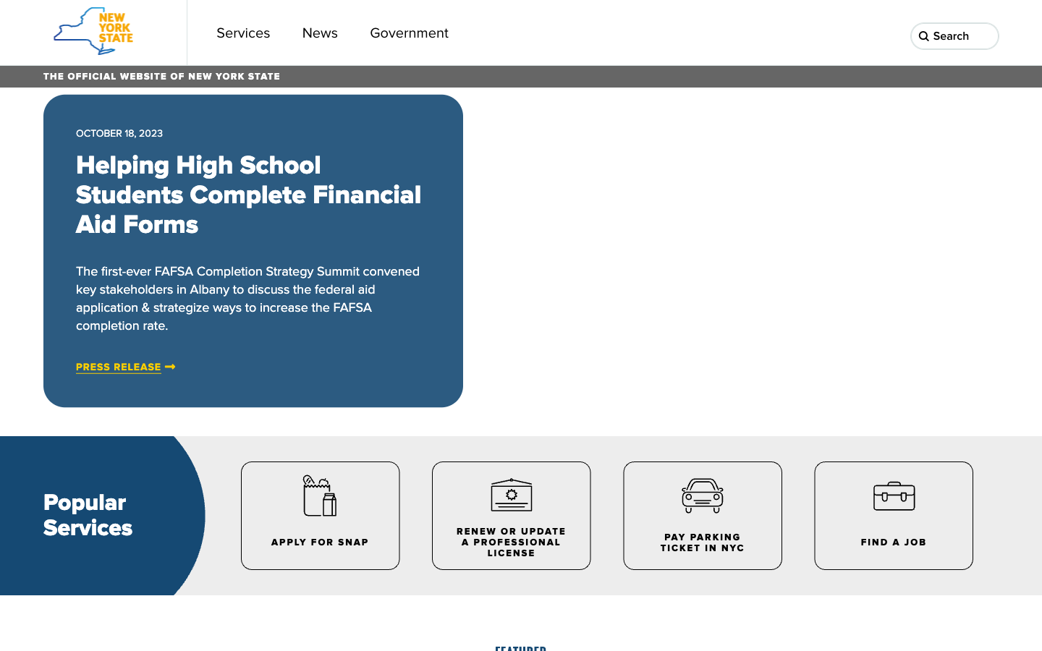  What do you see at coordinates (243, 32) in the screenshot?
I see `Go to the services tab from the top navigation bar` at bounding box center [243, 32].